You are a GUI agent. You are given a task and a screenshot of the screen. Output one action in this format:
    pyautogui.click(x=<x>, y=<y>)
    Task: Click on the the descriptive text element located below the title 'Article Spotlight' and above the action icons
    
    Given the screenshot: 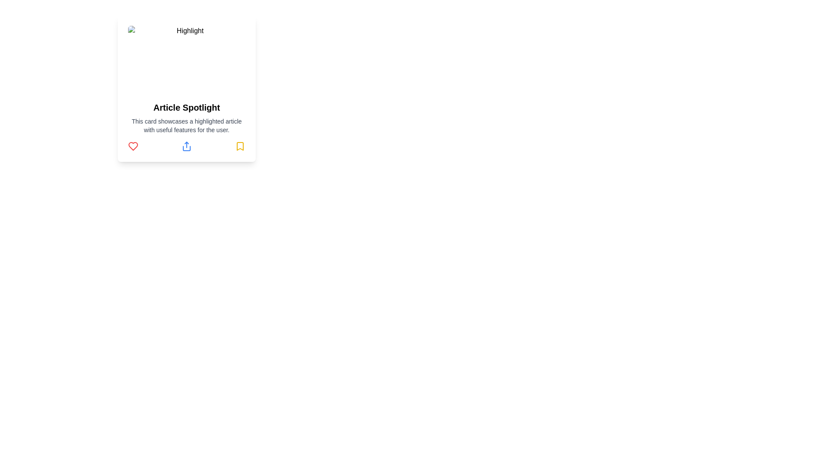 What is the action you would take?
    pyautogui.click(x=186, y=126)
    